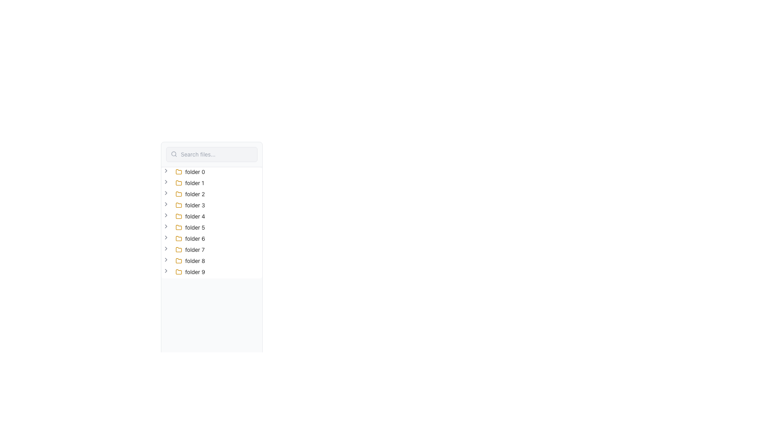 This screenshot has height=429, width=763. What do you see at coordinates (195, 249) in the screenshot?
I see `the text label representing the folder labeled 'folder 7' in the file navigation interface, which is positioned in the seventh slot of the list` at bounding box center [195, 249].